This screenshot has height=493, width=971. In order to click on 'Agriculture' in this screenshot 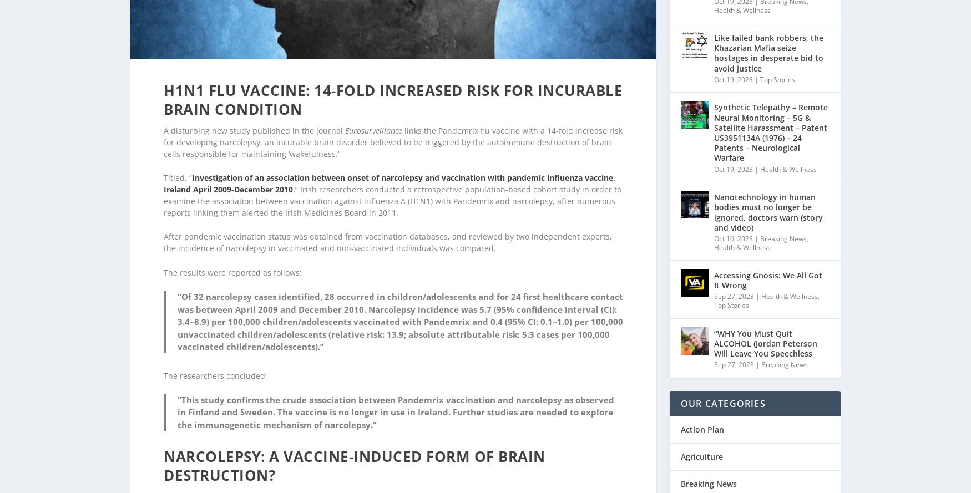, I will do `click(680, 442)`.